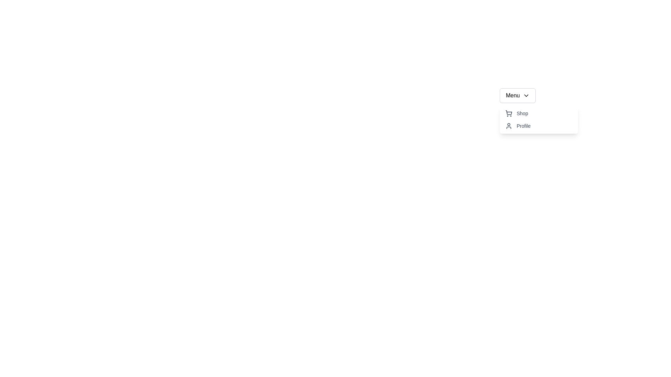 The image size is (671, 377). Describe the element at coordinates (518, 95) in the screenshot. I see `the 'Menu' Dropdown Trigger Button, which is located in the top-right area of the section and is the first element in the dropdown menu structure` at that location.